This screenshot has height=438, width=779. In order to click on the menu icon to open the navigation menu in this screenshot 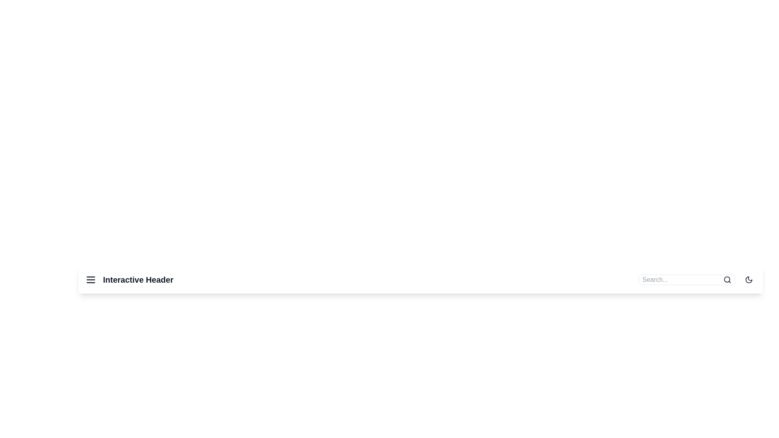, I will do `click(91, 279)`.